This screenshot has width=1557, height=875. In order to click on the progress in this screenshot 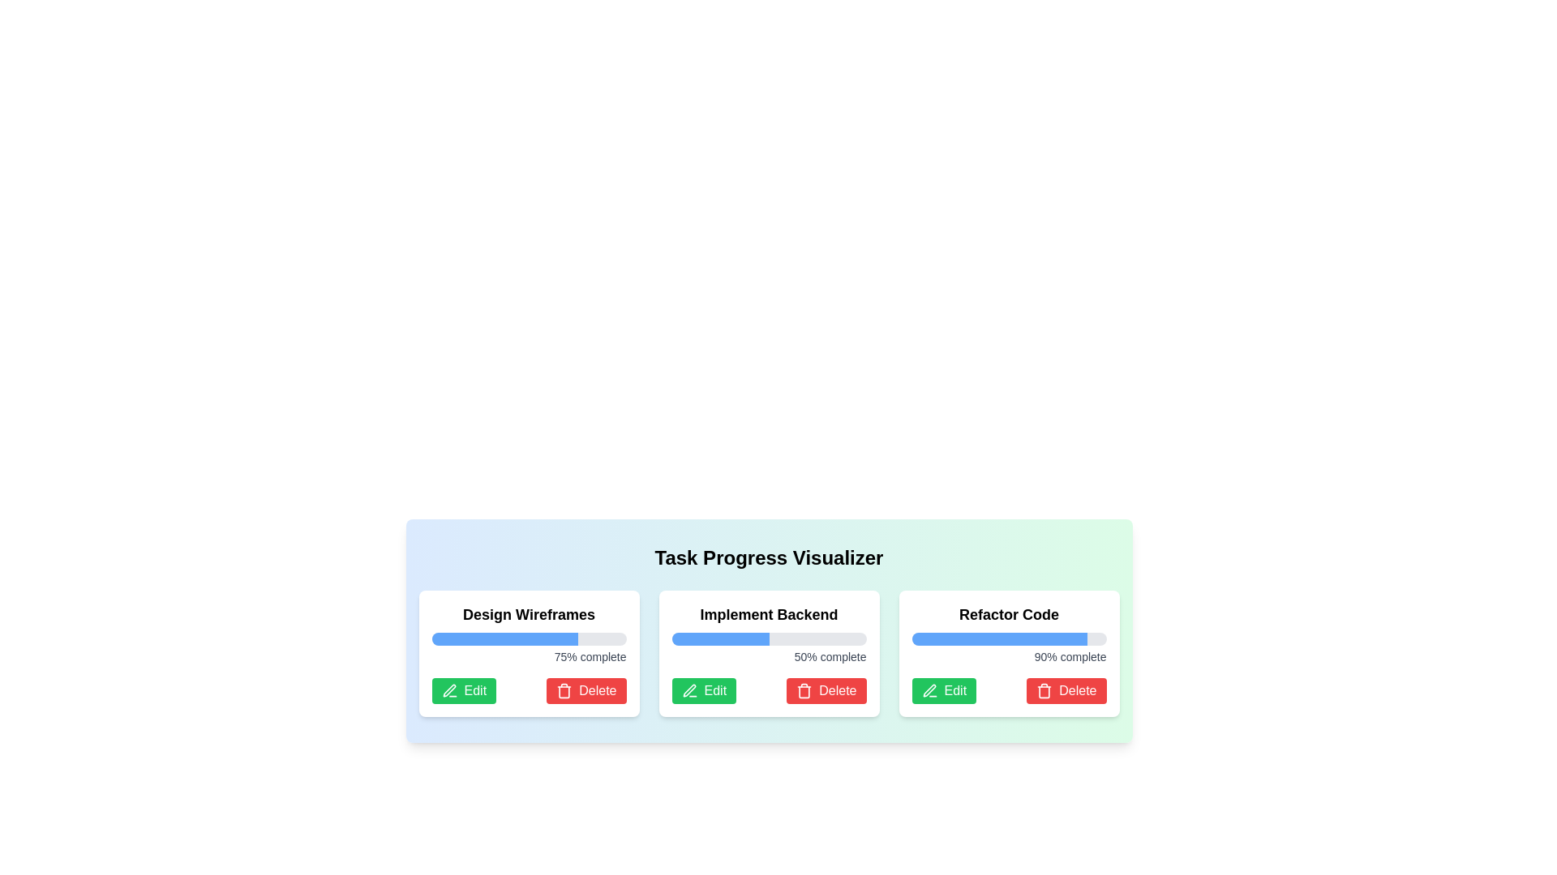, I will do `click(915, 638)`.